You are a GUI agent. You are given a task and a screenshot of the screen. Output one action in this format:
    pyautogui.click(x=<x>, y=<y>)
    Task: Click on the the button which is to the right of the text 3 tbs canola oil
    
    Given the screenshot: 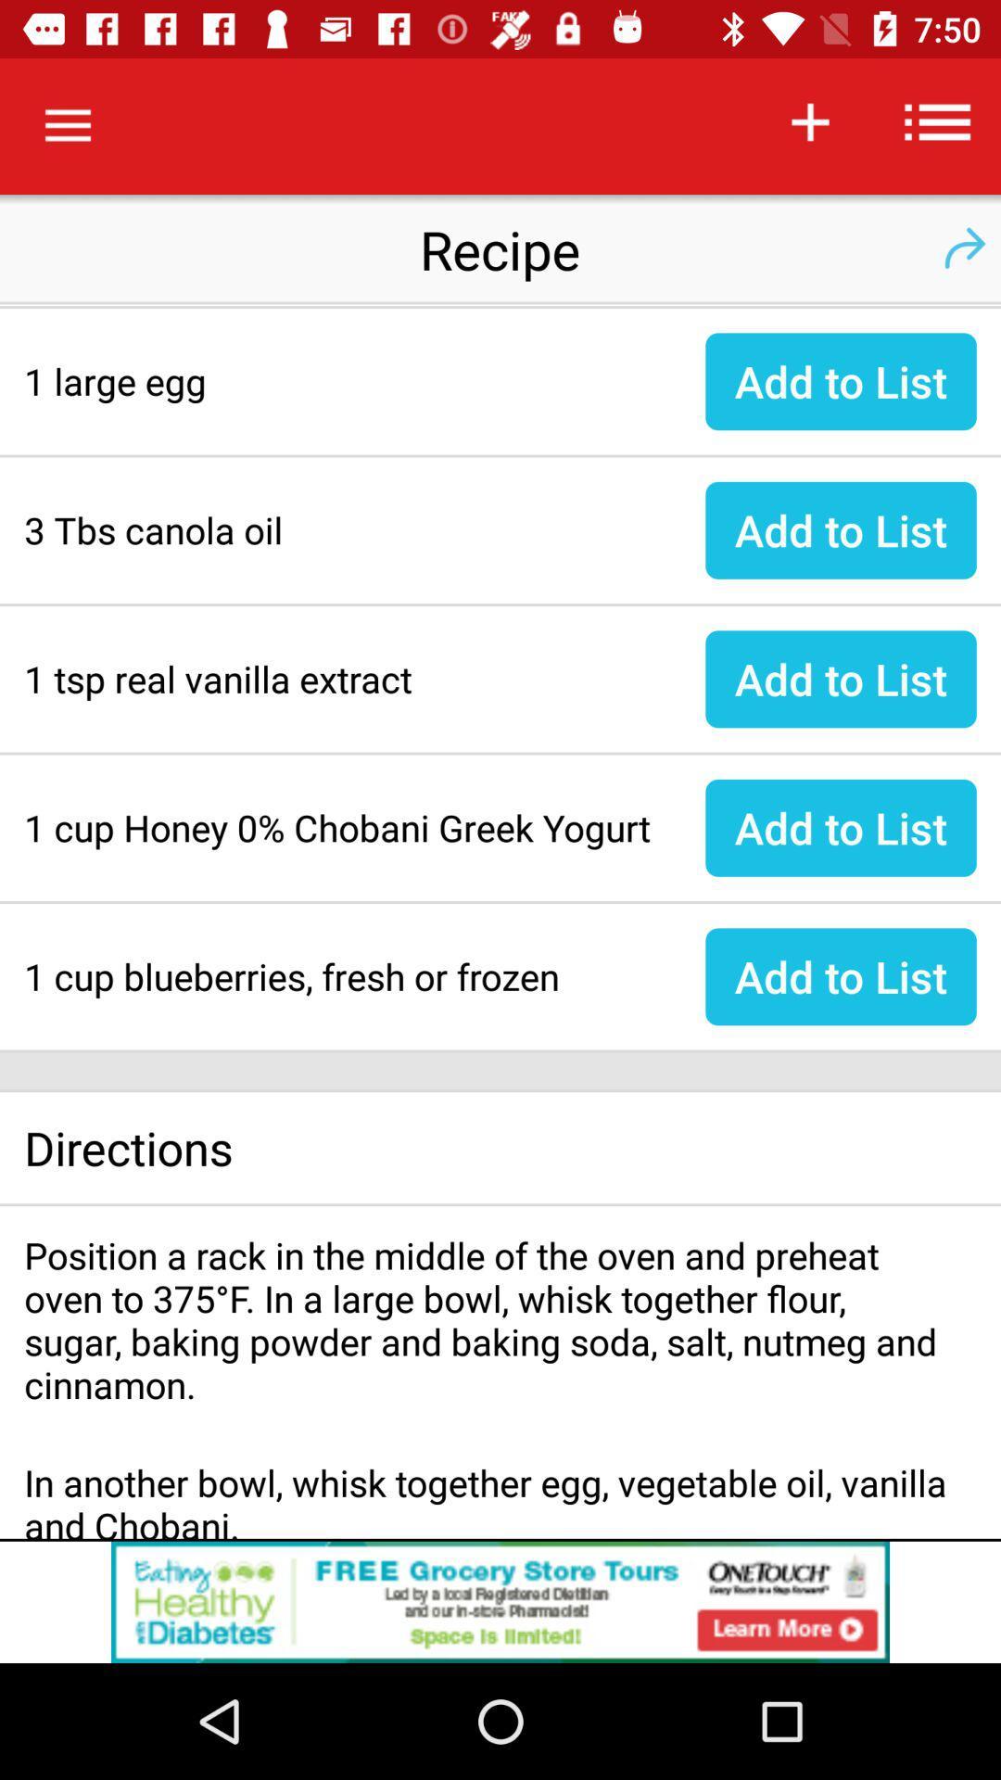 What is the action you would take?
    pyautogui.click(x=841, y=529)
    